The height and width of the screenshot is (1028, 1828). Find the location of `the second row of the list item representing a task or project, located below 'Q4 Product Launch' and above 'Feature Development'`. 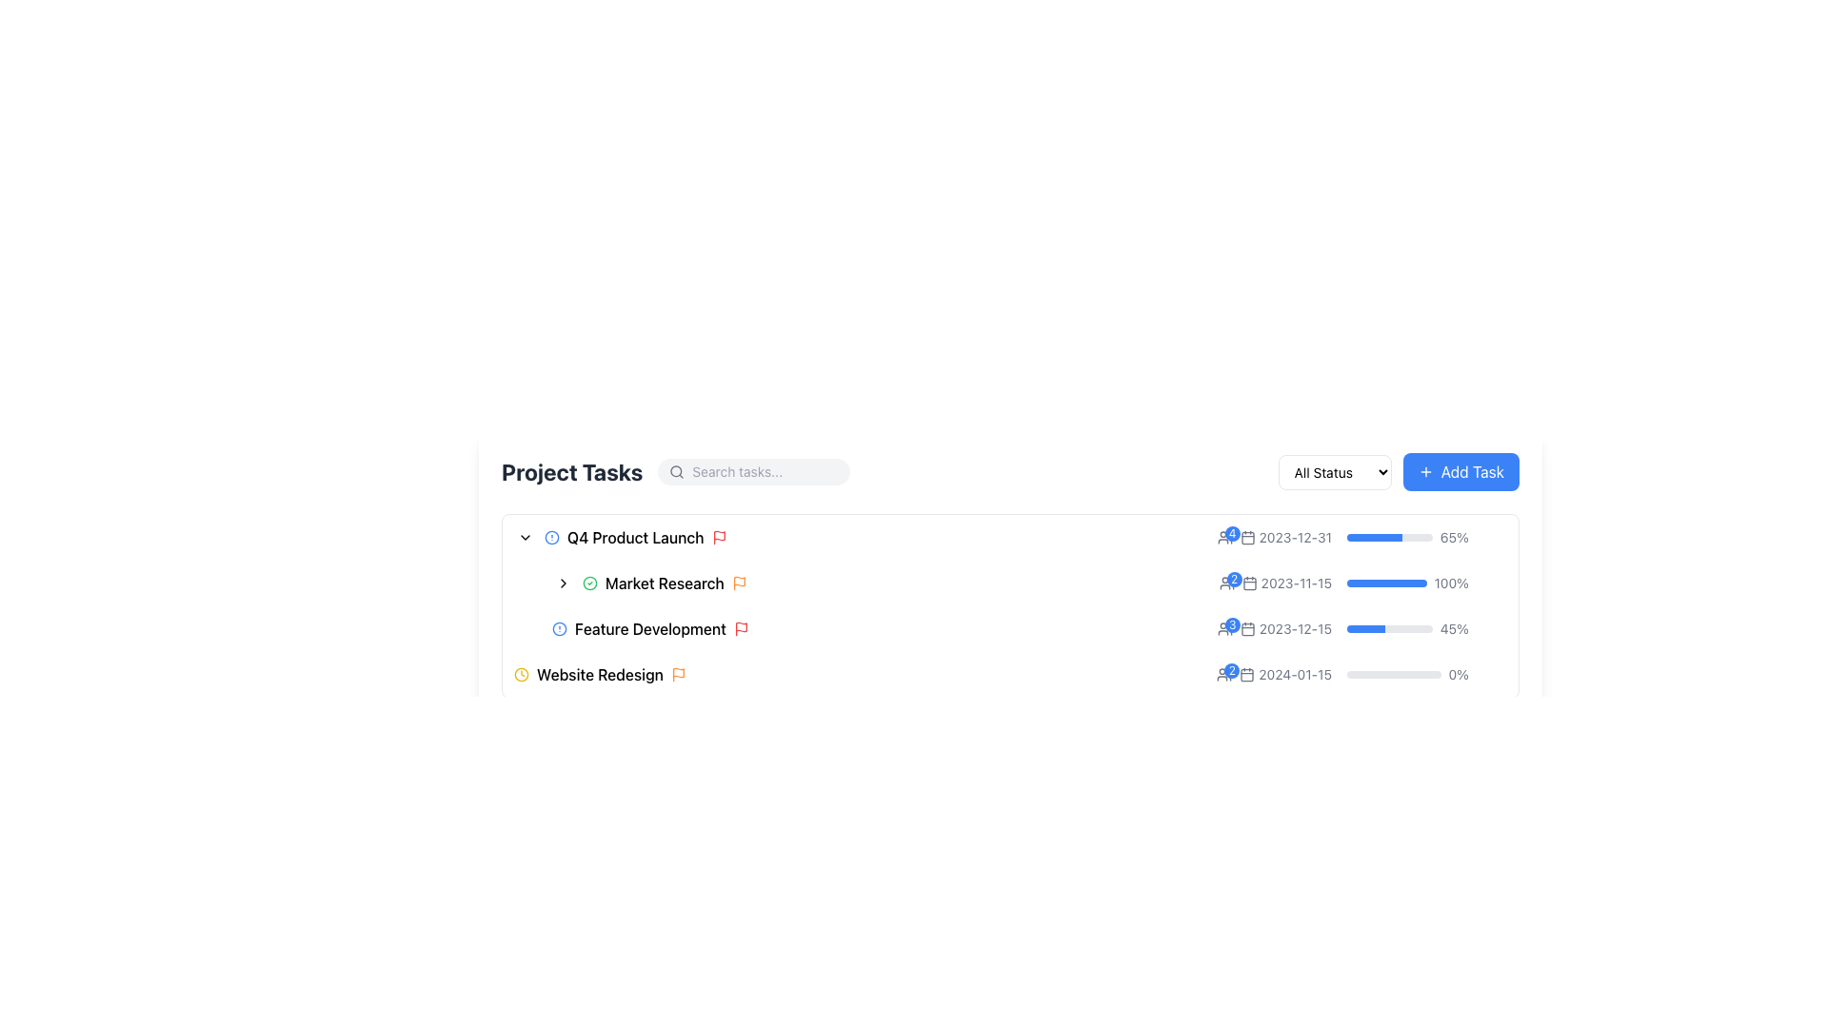

the second row of the list item representing a task or project, located below 'Q4 Product Launch' and above 'Feature Development' is located at coordinates (1028, 583).